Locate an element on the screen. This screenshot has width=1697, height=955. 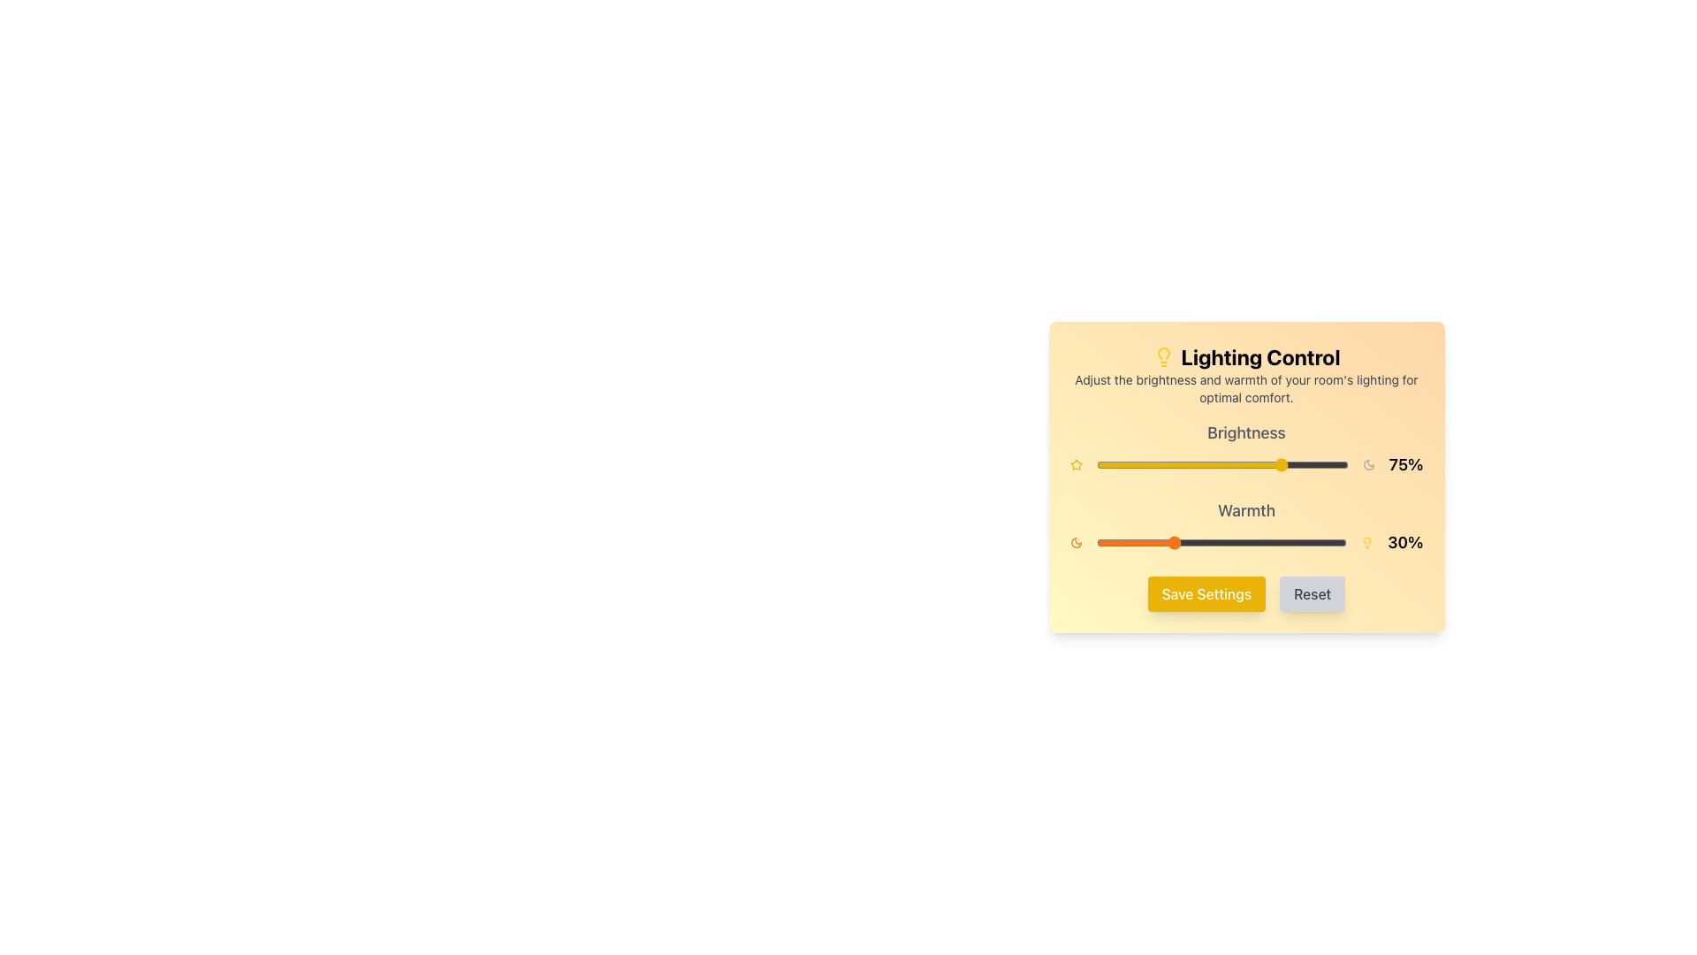
warmth is located at coordinates (1297, 541).